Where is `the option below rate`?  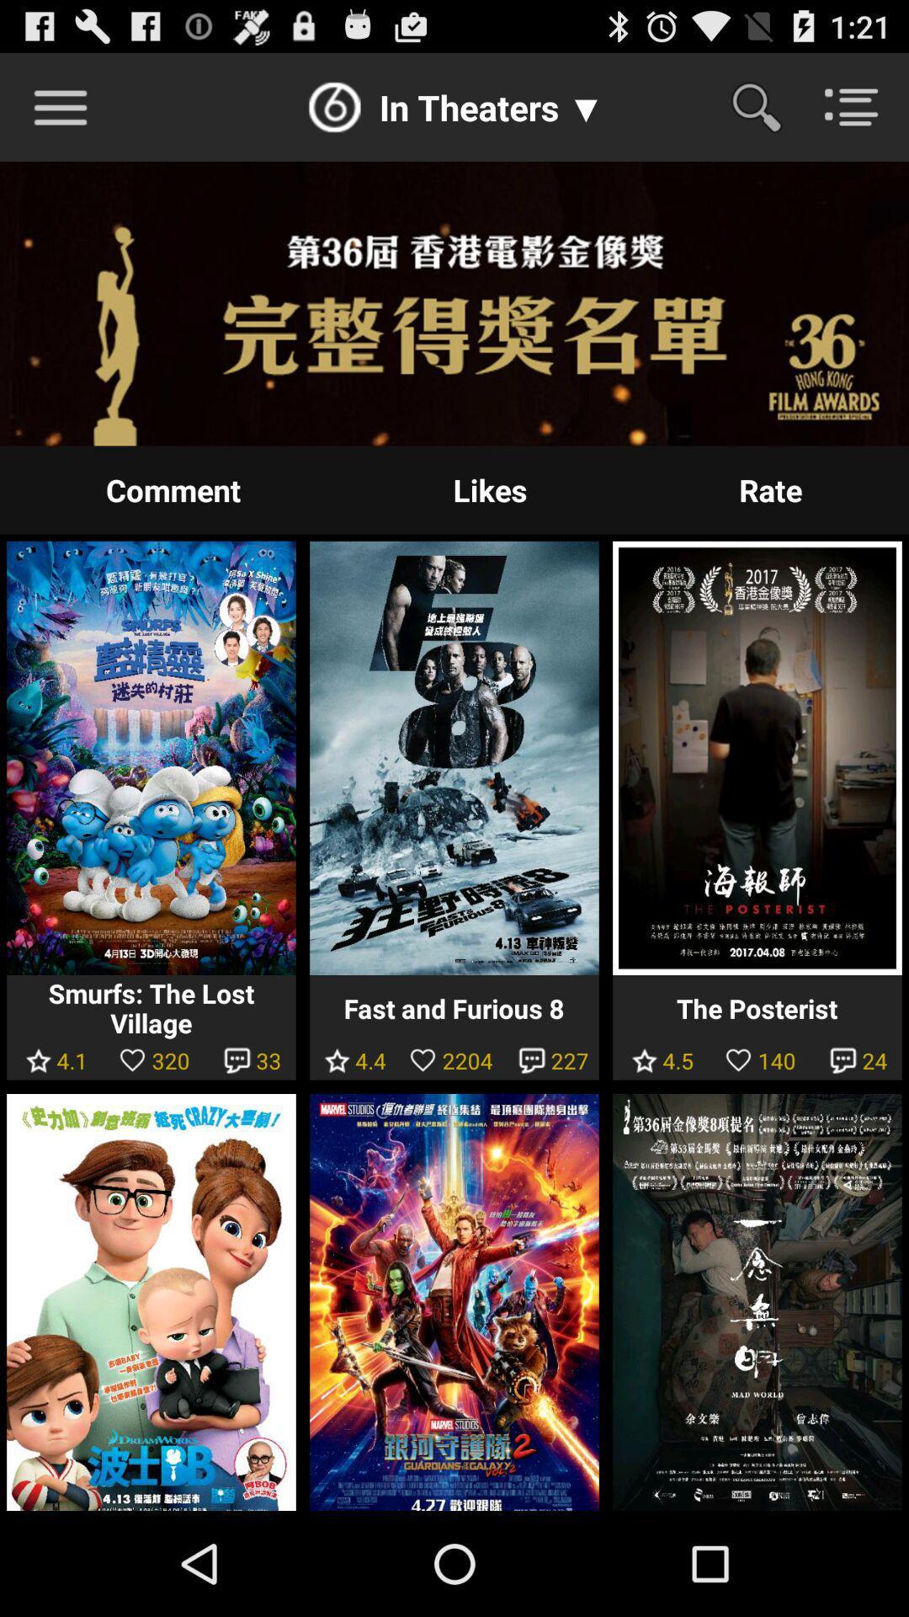
the option below rate is located at coordinates (756, 757).